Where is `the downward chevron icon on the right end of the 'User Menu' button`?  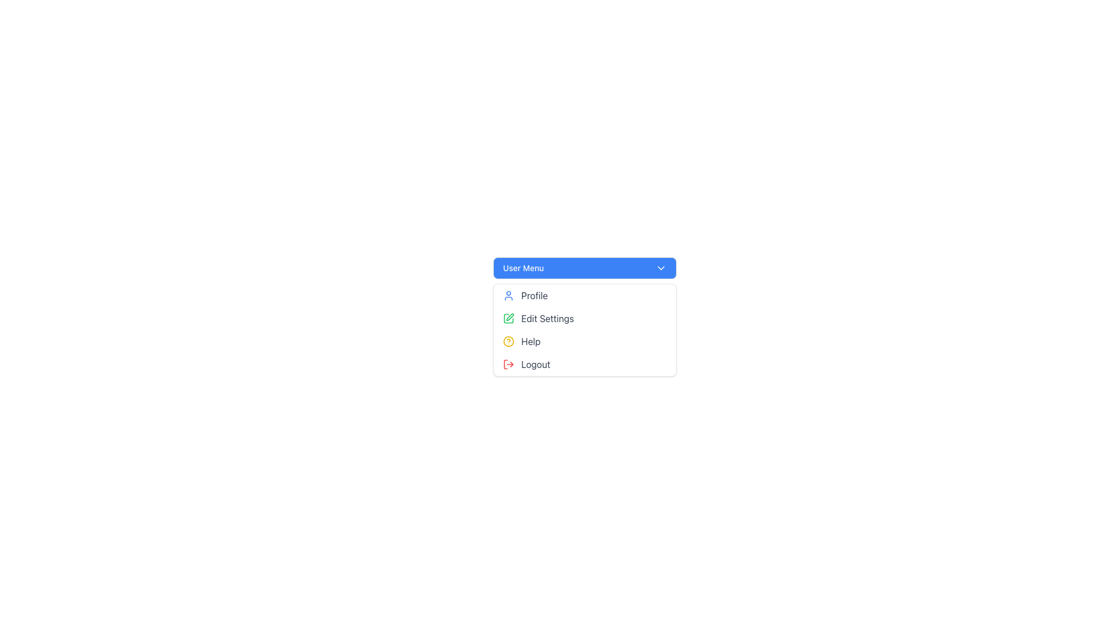 the downward chevron icon on the right end of the 'User Menu' button is located at coordinates (661, 268).